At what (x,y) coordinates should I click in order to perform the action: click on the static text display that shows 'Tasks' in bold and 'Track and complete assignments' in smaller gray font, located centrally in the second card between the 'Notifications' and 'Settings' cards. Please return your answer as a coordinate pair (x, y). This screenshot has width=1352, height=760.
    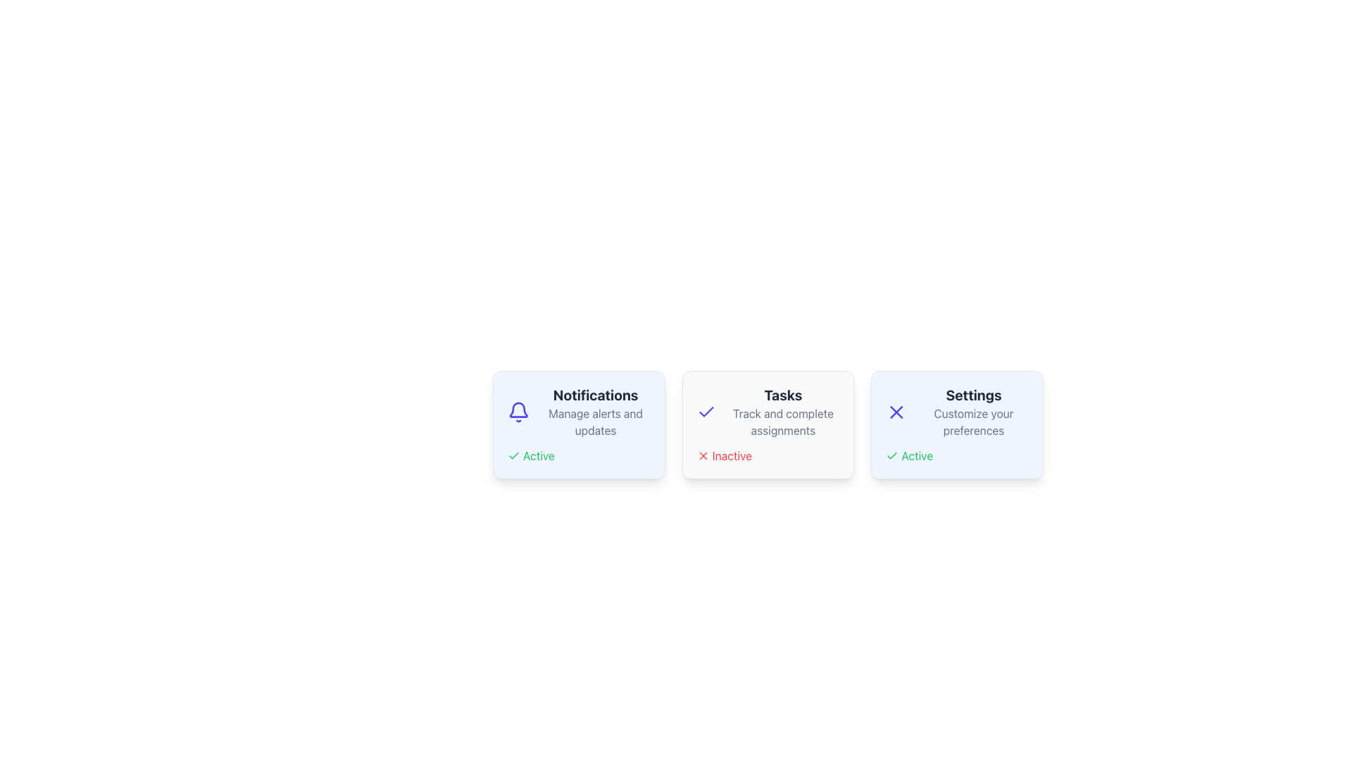
    Looking at the image, I should click on (767, 412).